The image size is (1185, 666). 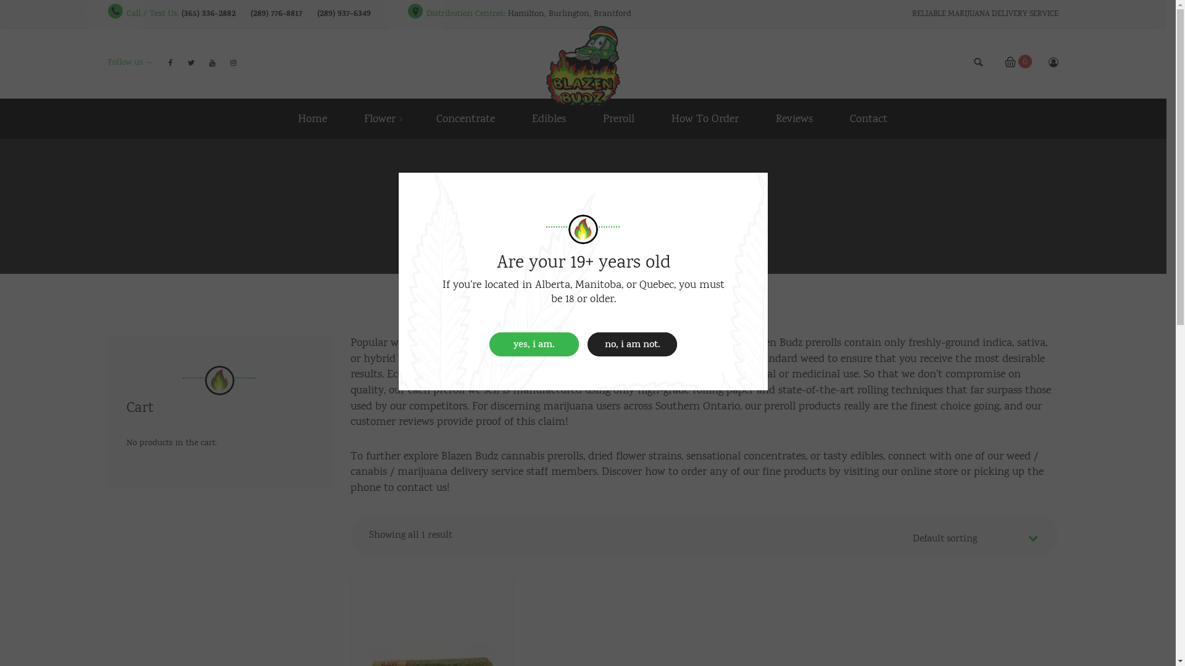 What do you see at coordinates (379, 121) in the screenshot?
I see `'Flower'` at bounding box center [379, 121].